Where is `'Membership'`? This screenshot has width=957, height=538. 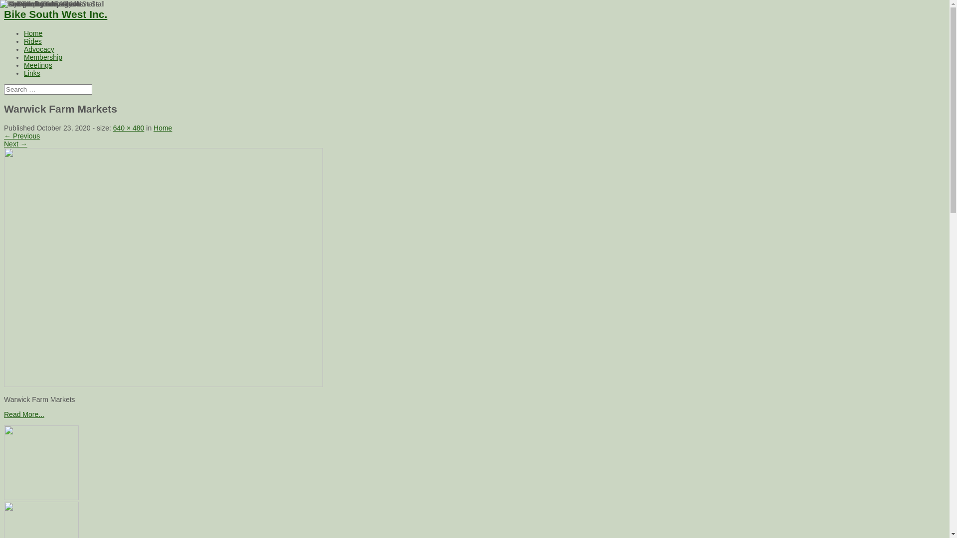
'Membership' is located at coordinates (42, 57).